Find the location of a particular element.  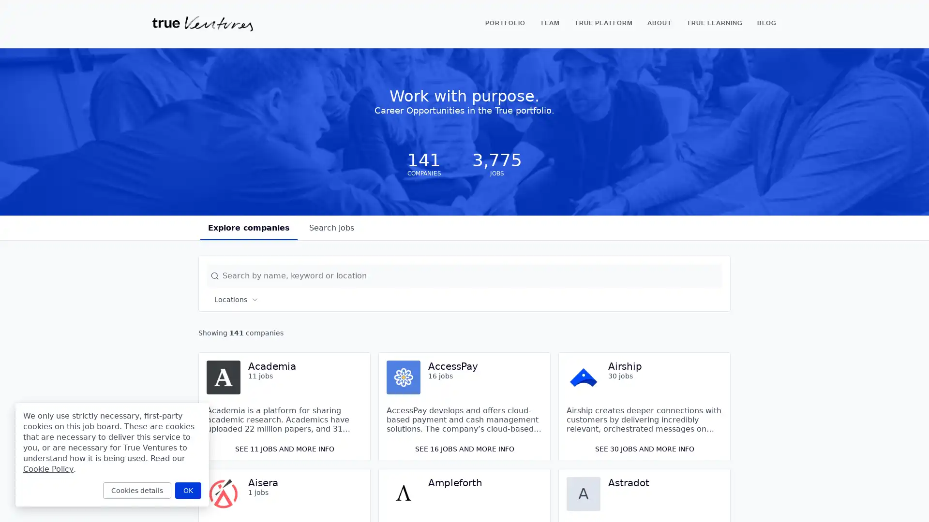

Cookies details is located at coordinates (136, 490).